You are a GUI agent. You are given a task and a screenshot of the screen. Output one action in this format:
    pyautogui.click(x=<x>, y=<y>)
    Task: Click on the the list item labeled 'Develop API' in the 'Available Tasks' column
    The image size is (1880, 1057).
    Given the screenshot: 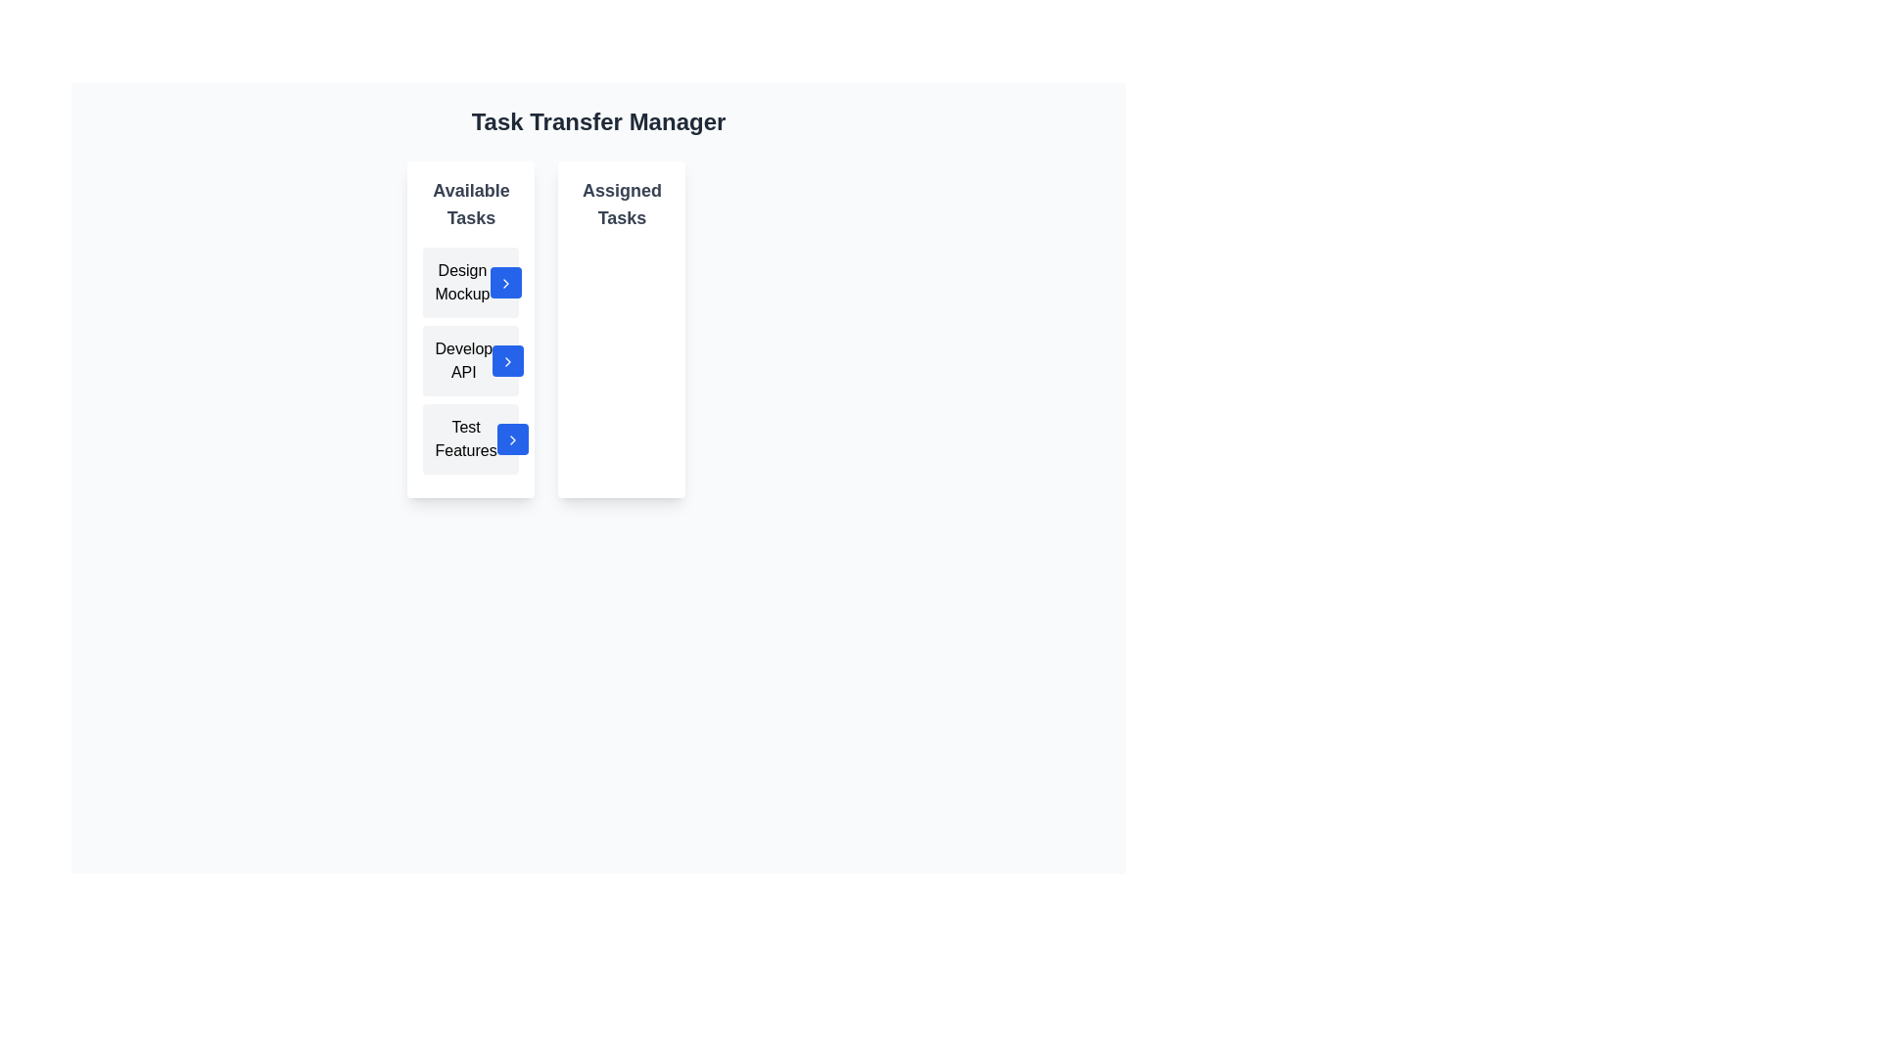 What is the action you would take?
    pyautogui.click(x=471, y=361)
    